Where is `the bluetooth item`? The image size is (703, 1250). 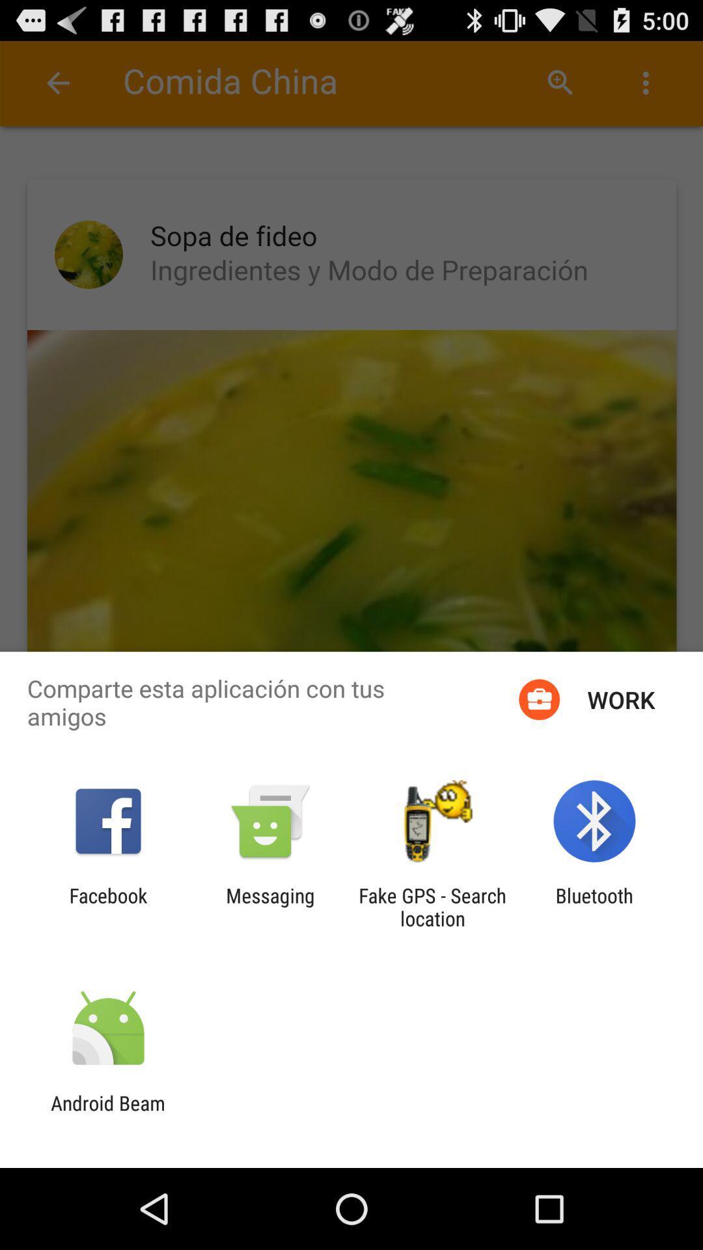
the bluetooth item is located at coordinates (594, 906).